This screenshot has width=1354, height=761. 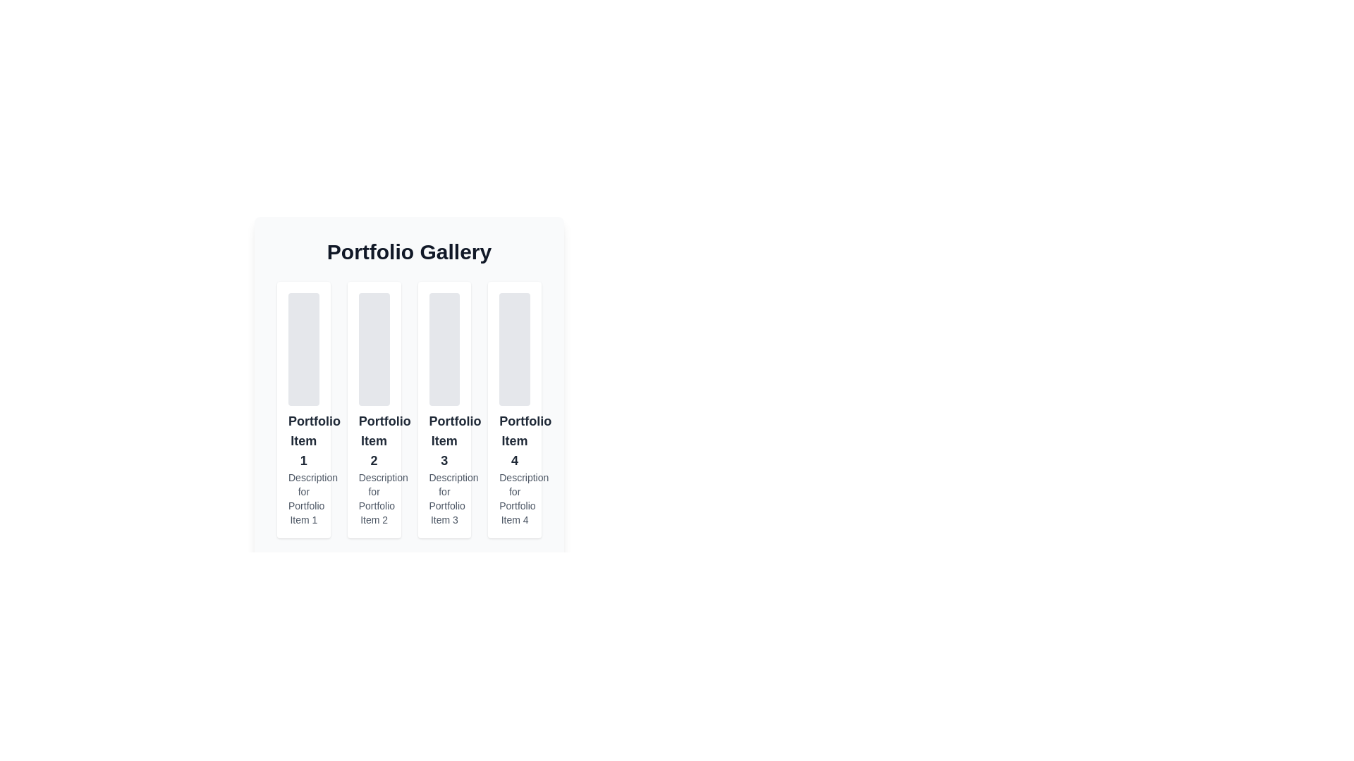 What do you see at coordinates (303, 440) in the screenshot?
I see `the text label displaying 'Portfolio Item 1' in bold, large, dark gray font located beneath a placeholder image` at bounding box center [303, 440].